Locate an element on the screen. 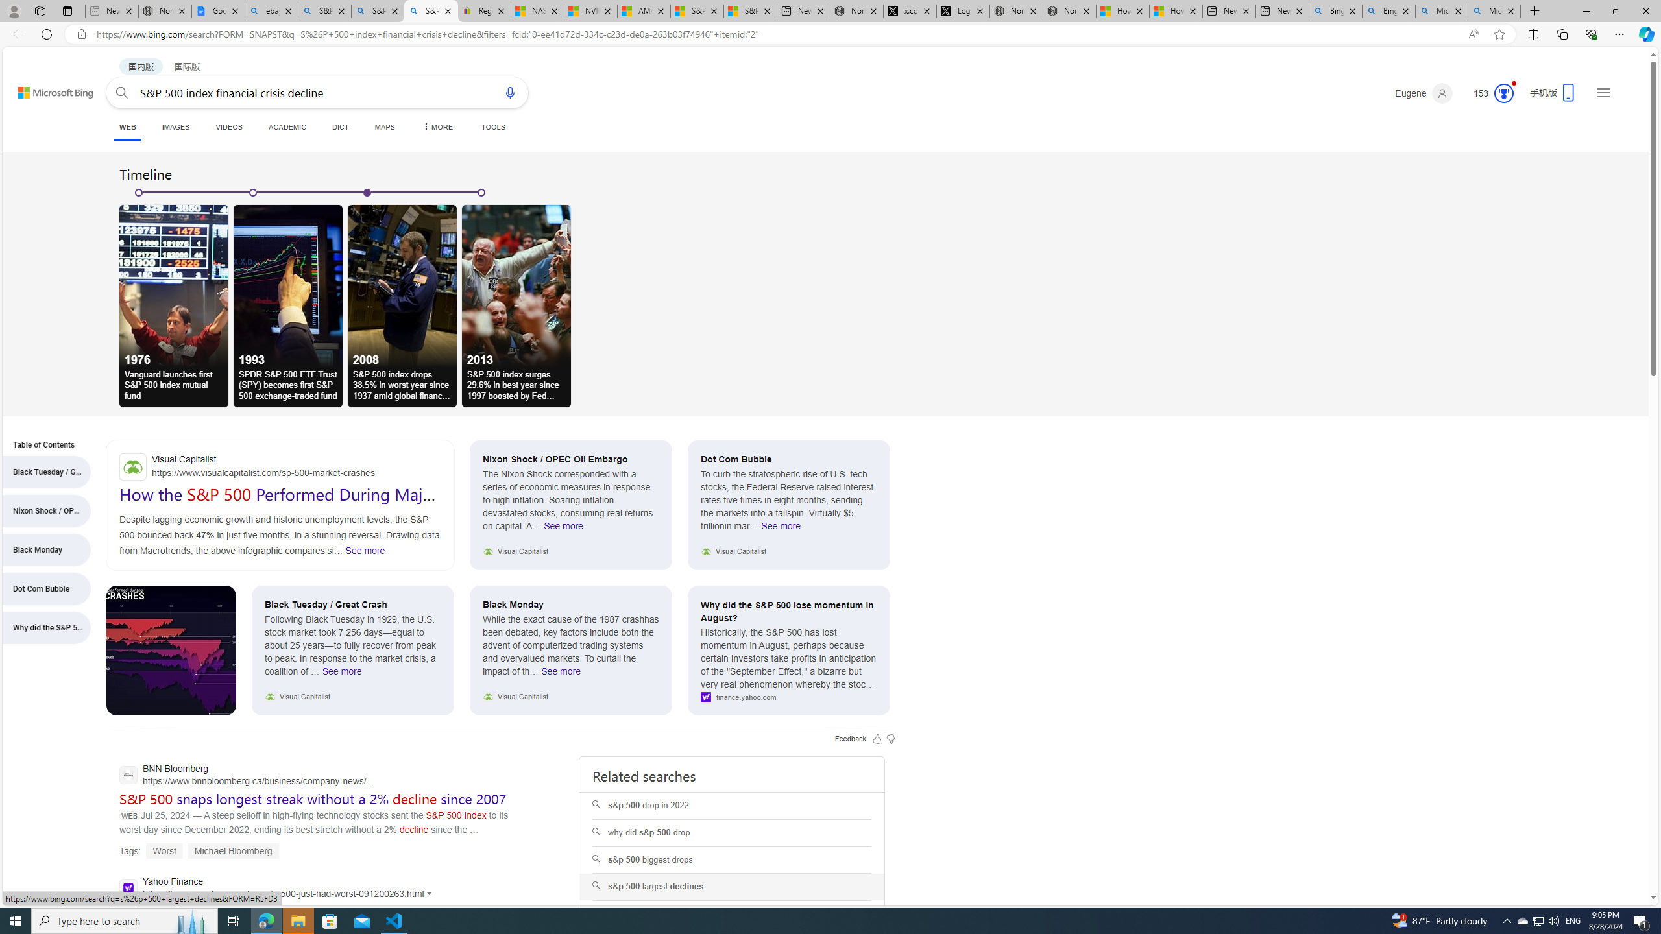 This screenshot has width=1661, height=934. 'ACADEMIC' is located at coordinates (288, 126).